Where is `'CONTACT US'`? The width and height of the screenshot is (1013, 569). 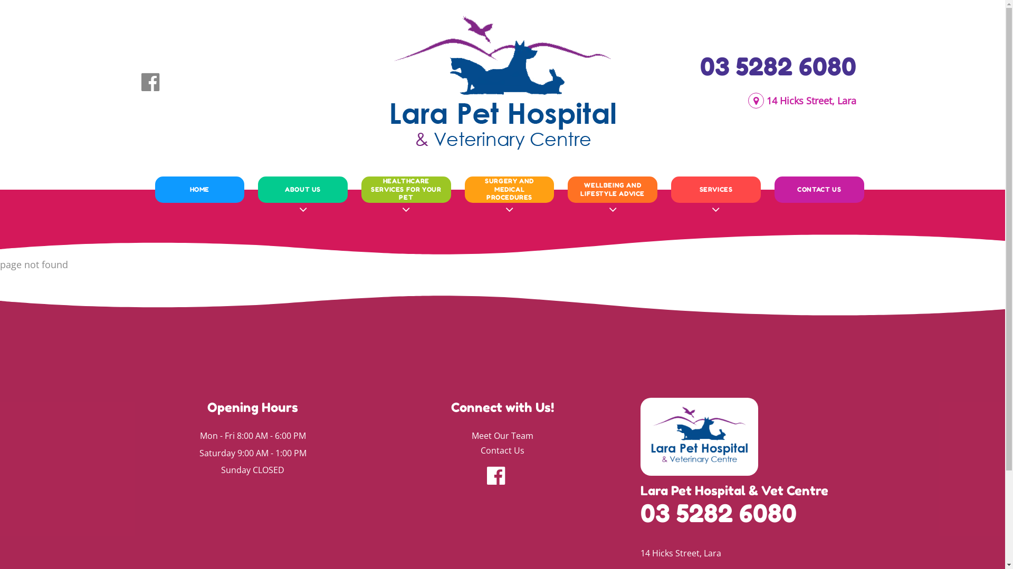 'CONTACT US' is located at coordinates (819, 188).